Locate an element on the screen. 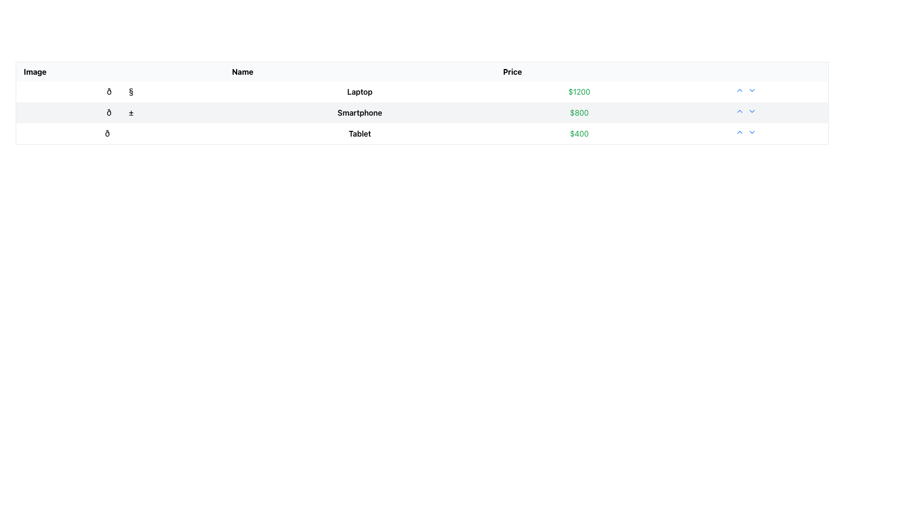  the price display for the item 'Smartphone', which is located in the 'Price' column of the table is located at coordinates (579, 112).